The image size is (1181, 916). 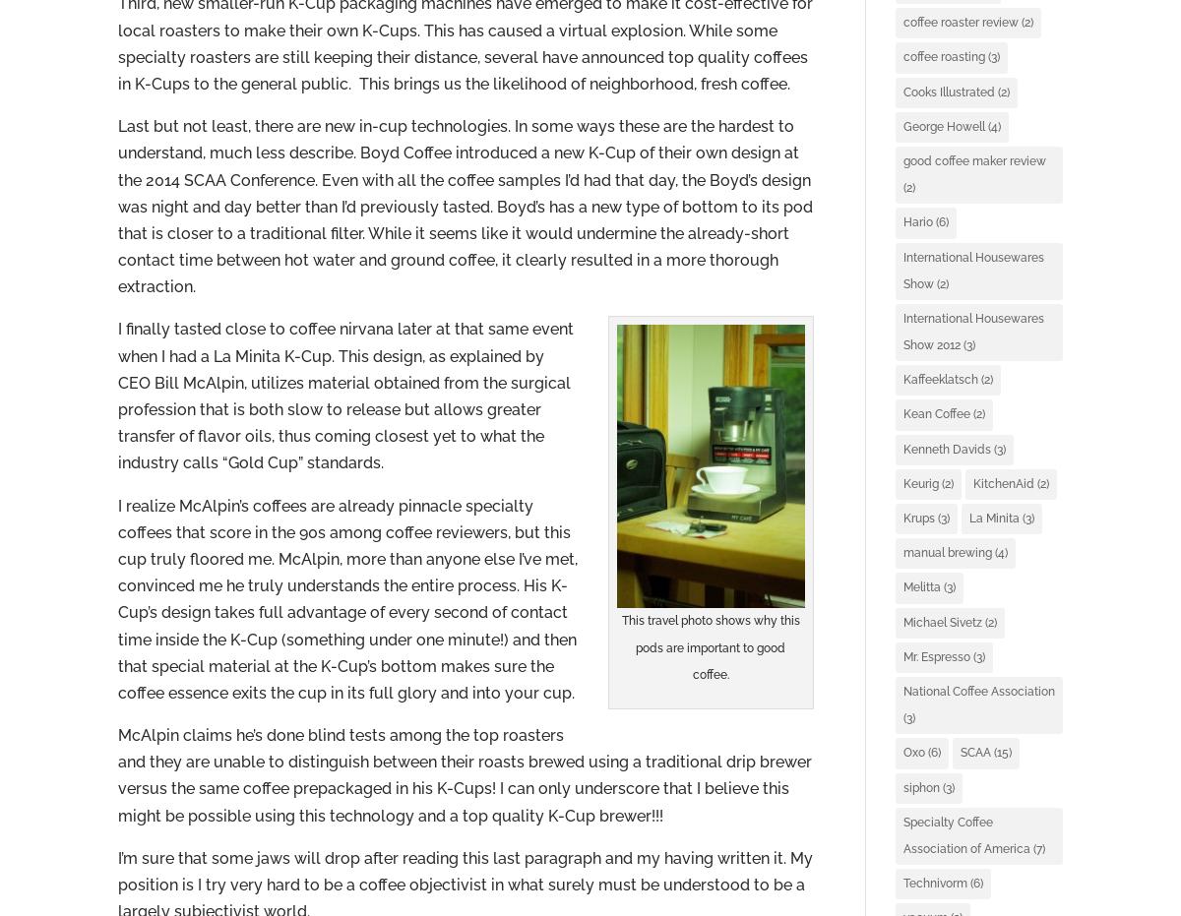 I want to click on 'Kenneth Davids', so click(x=902, y=448).